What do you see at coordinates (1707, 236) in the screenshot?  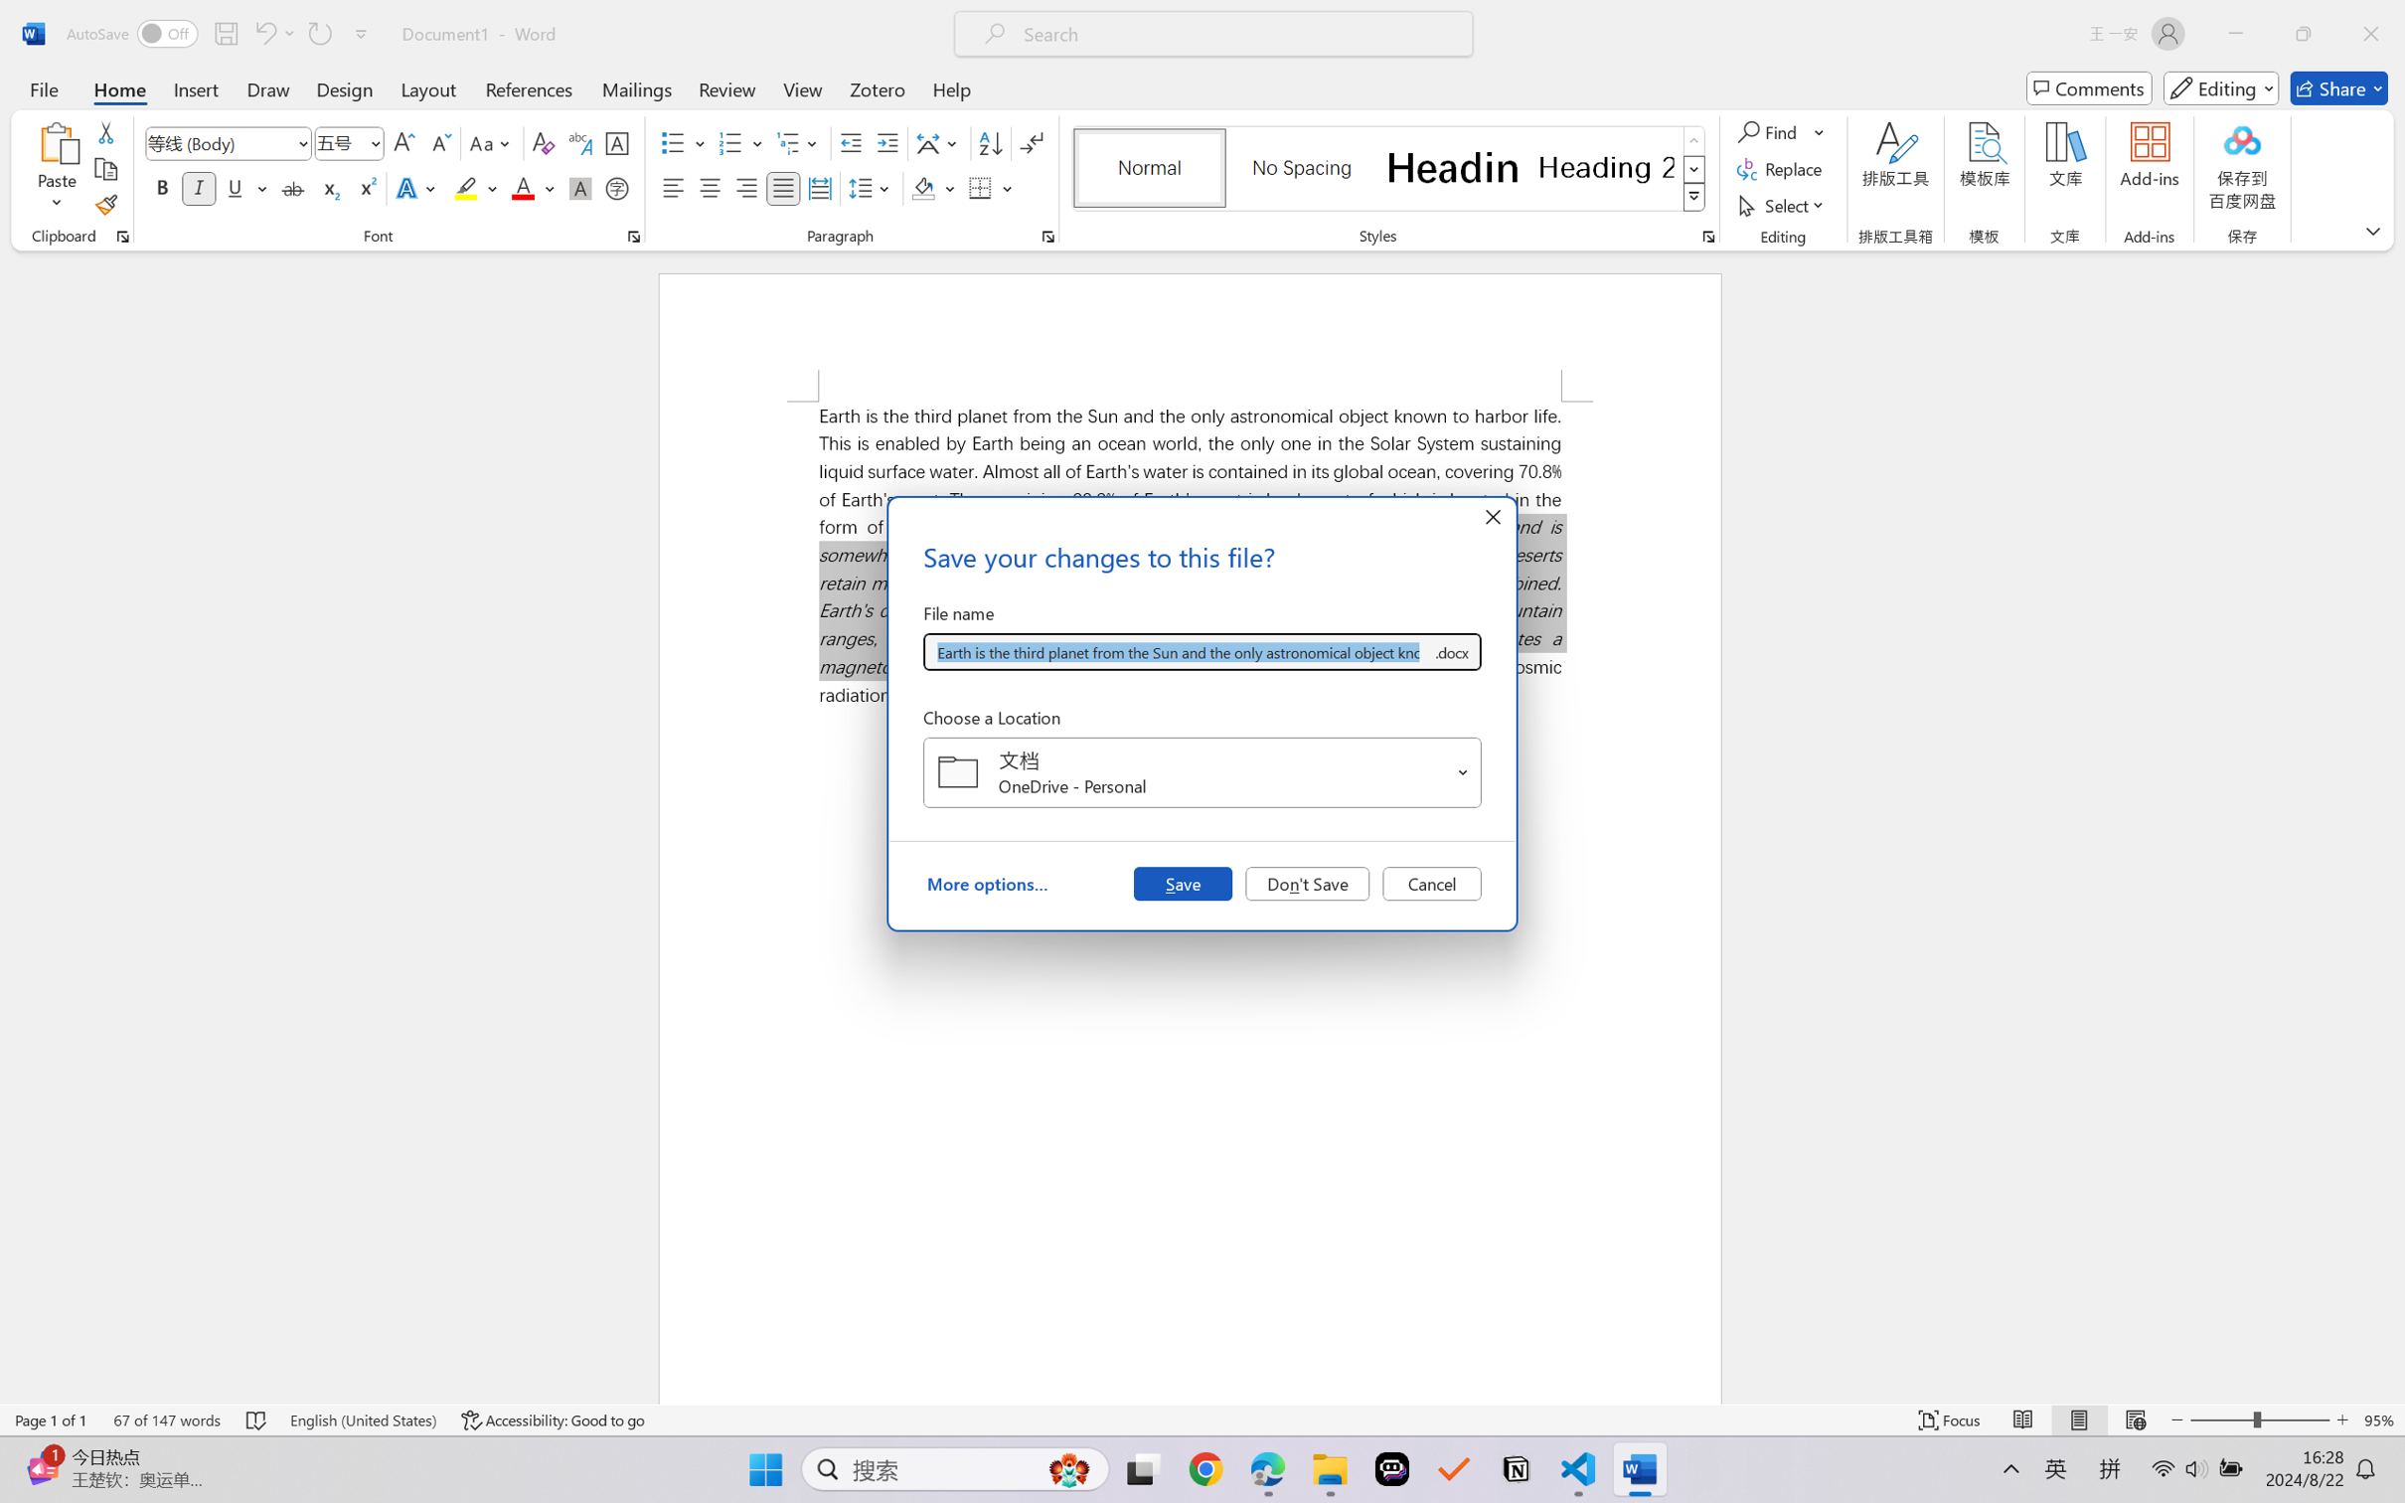 I see `'Styles...'` at bounding box center [1707, 236].